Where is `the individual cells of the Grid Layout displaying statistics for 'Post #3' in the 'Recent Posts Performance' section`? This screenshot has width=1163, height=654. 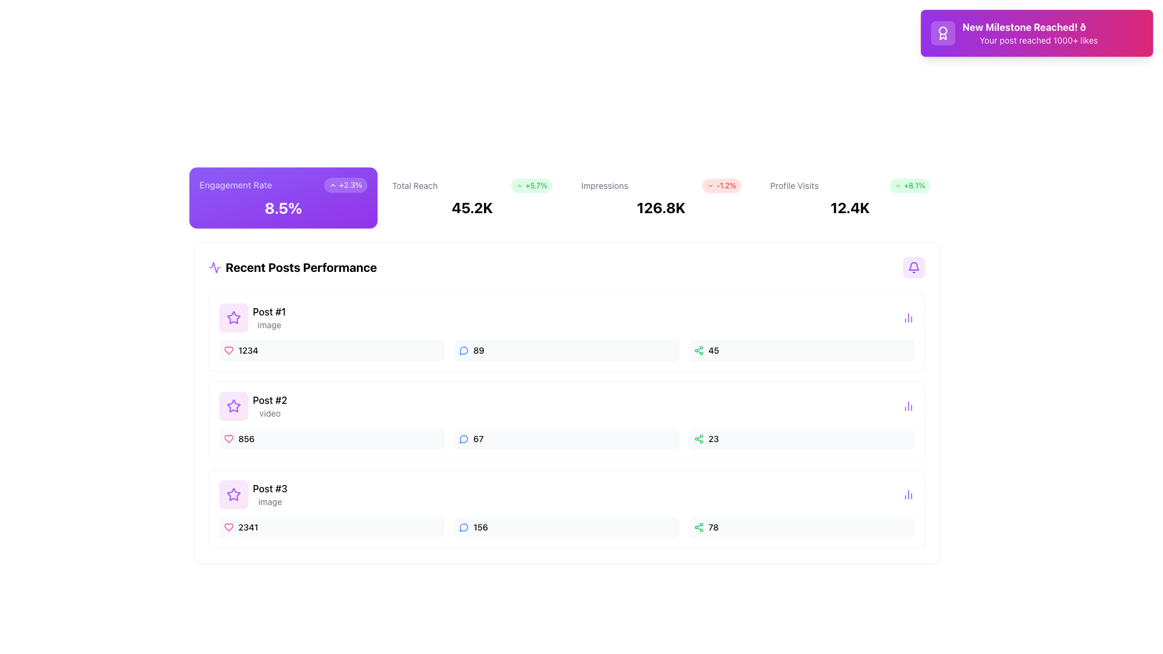
the individual cells of the Grid Layout displaying statistics for 'Post #3' in the 'Recent Posts Performance' section is located at coordinates (566, 527).